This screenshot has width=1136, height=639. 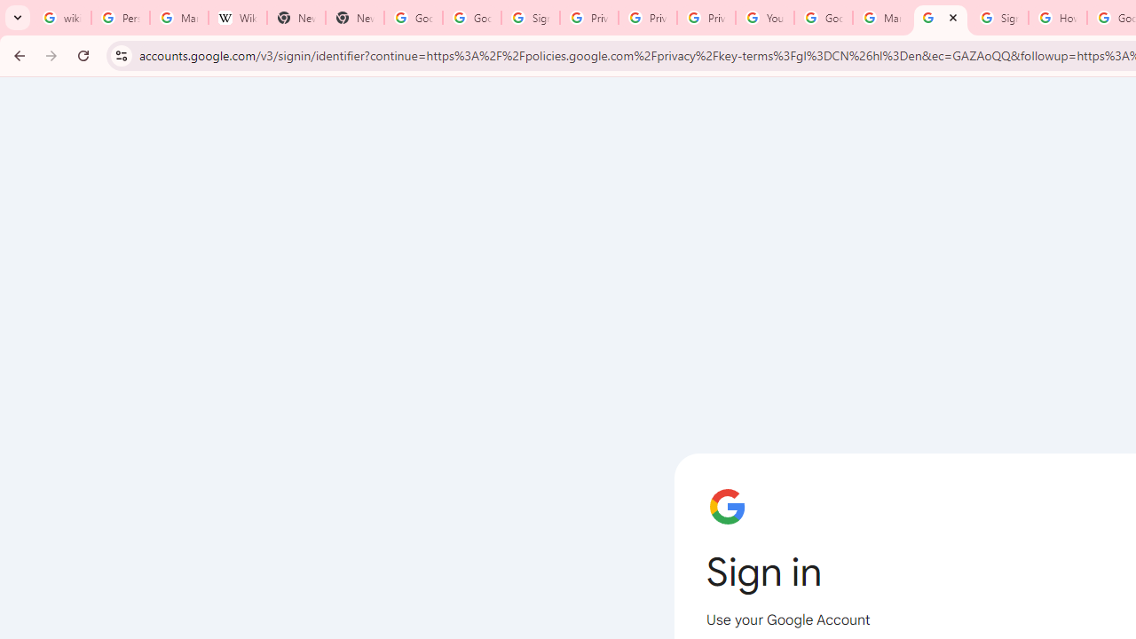 What do you see at coordinates (237, 18) in the screenshot?
I see `'Wikipedia:Edit requests - Wikipedia'` at bounding box center [237, 18].